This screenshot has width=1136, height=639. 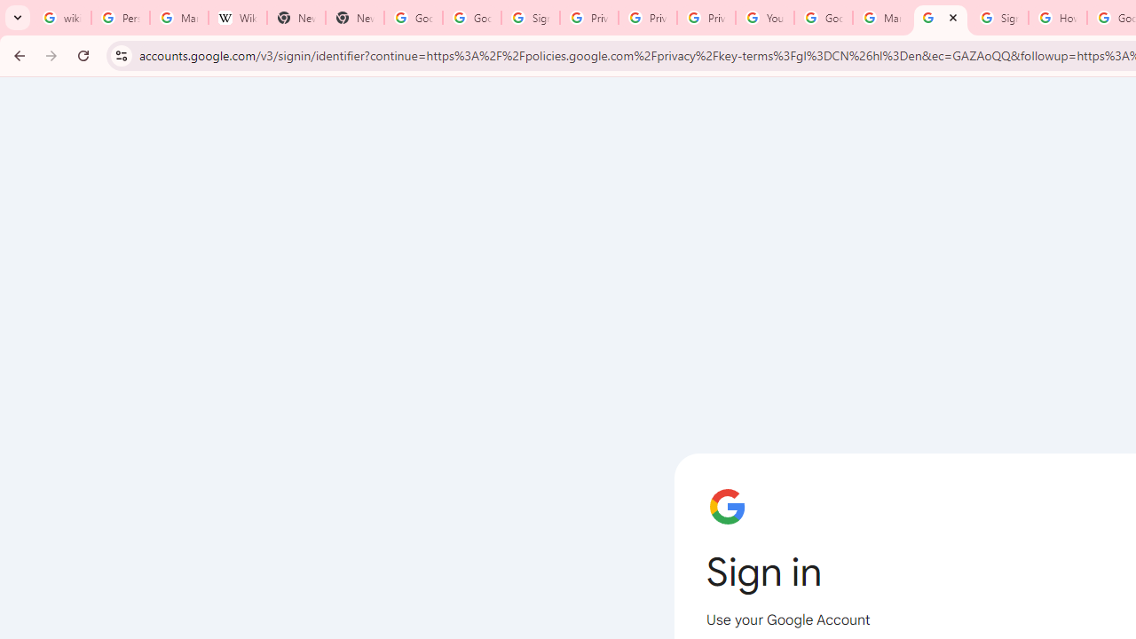 What do you see at coordinates (237, 18) in the screenshot?
I see `'Wikipedia:Edit requests - Wikipedia'` at bounding box center [237, 18].